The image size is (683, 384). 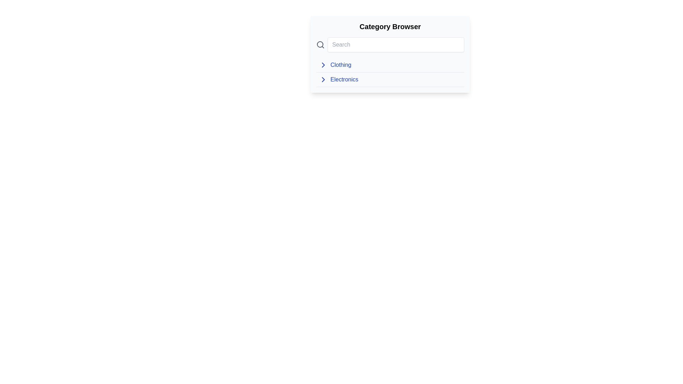 I want to click on the category browser interface element that contains multiple interactive components including a search input and selectable list items, so click(x=390, y=54).